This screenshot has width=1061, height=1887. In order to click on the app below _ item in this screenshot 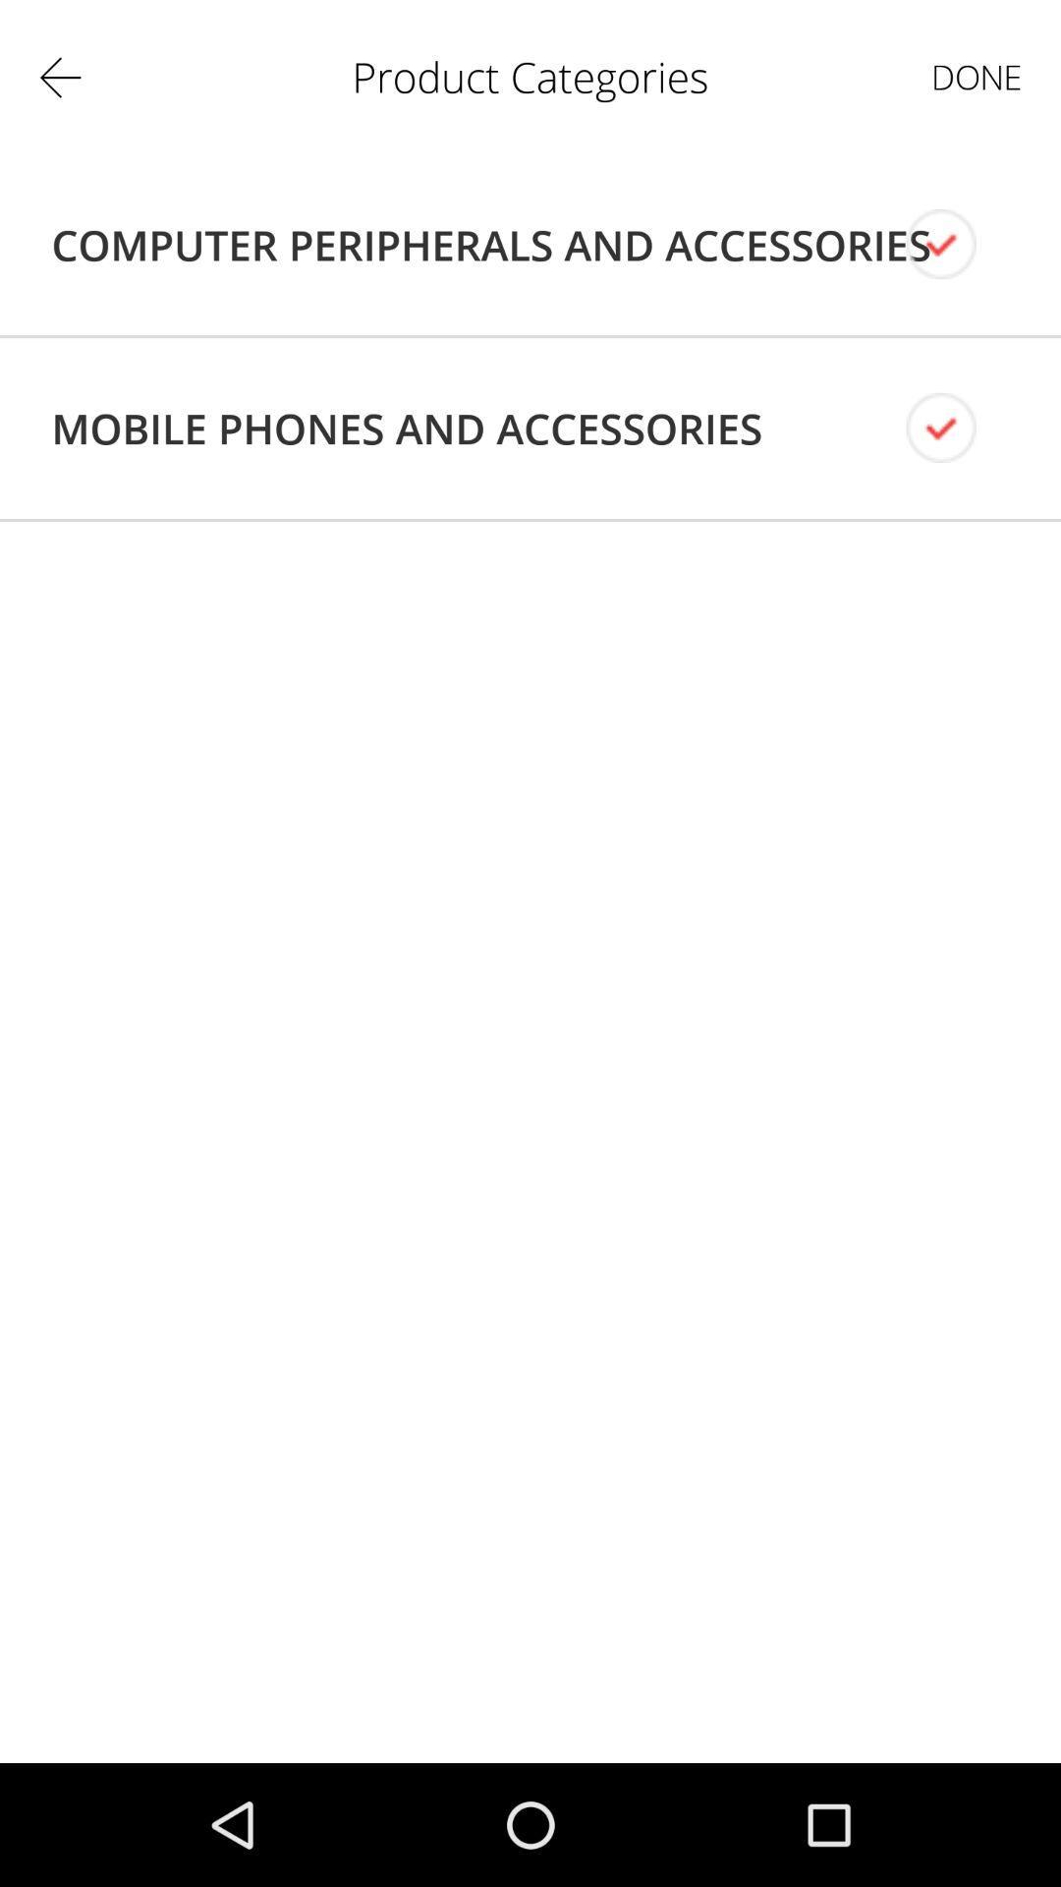, I will do `click(490, 244)`.